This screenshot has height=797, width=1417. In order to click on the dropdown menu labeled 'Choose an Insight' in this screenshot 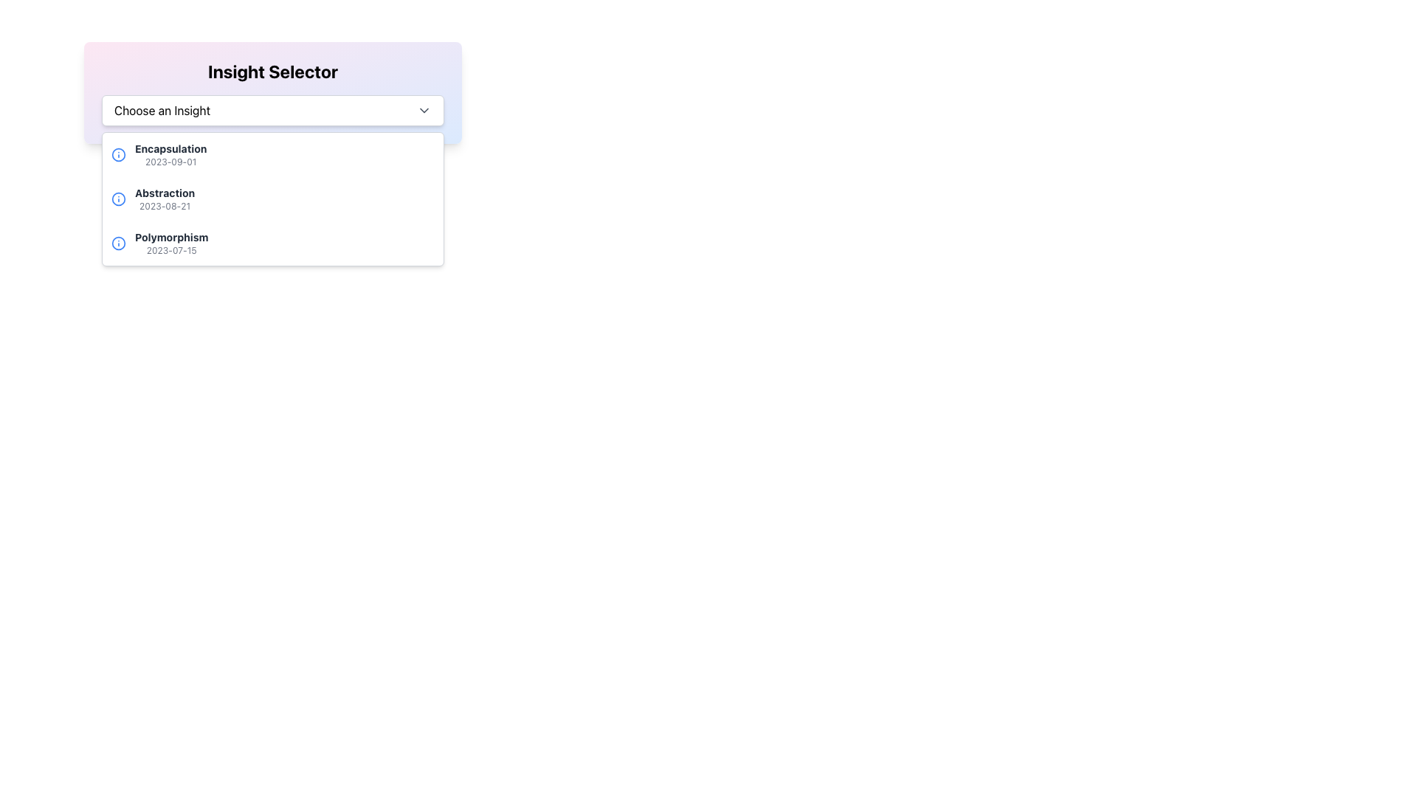, I will do `click(272, 110)`.